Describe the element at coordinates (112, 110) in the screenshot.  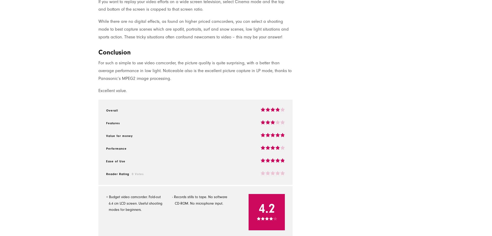
I see `'Overall'` at that location.